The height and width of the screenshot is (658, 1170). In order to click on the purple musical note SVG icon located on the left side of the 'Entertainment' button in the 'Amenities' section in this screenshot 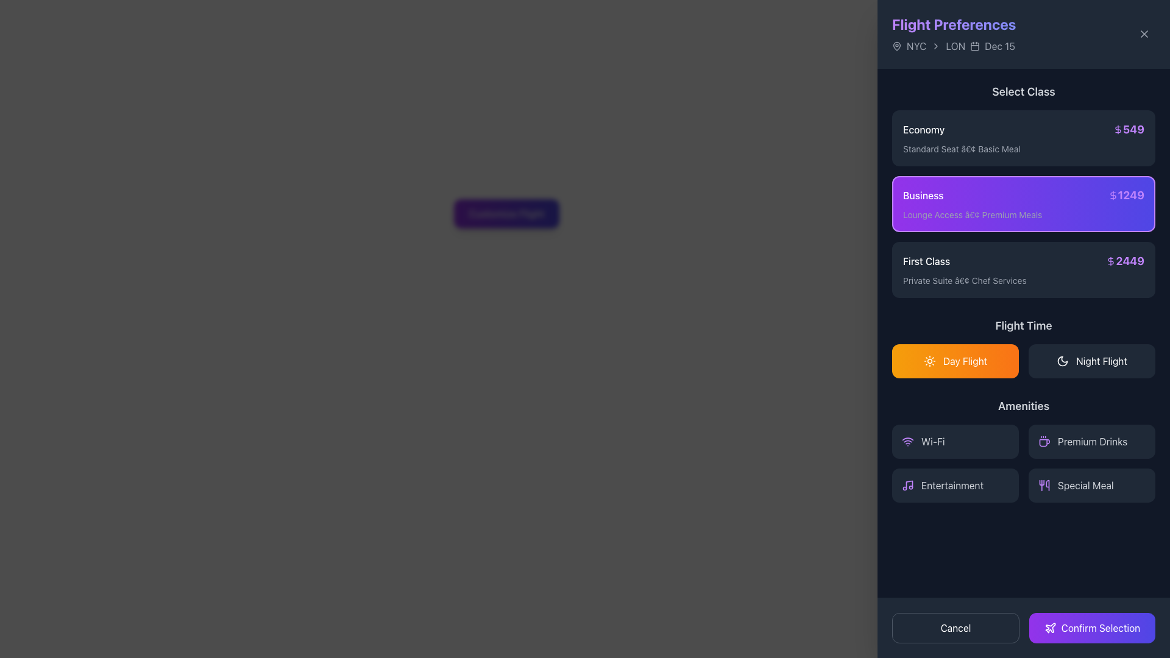, I will do `click(907, 485)`.